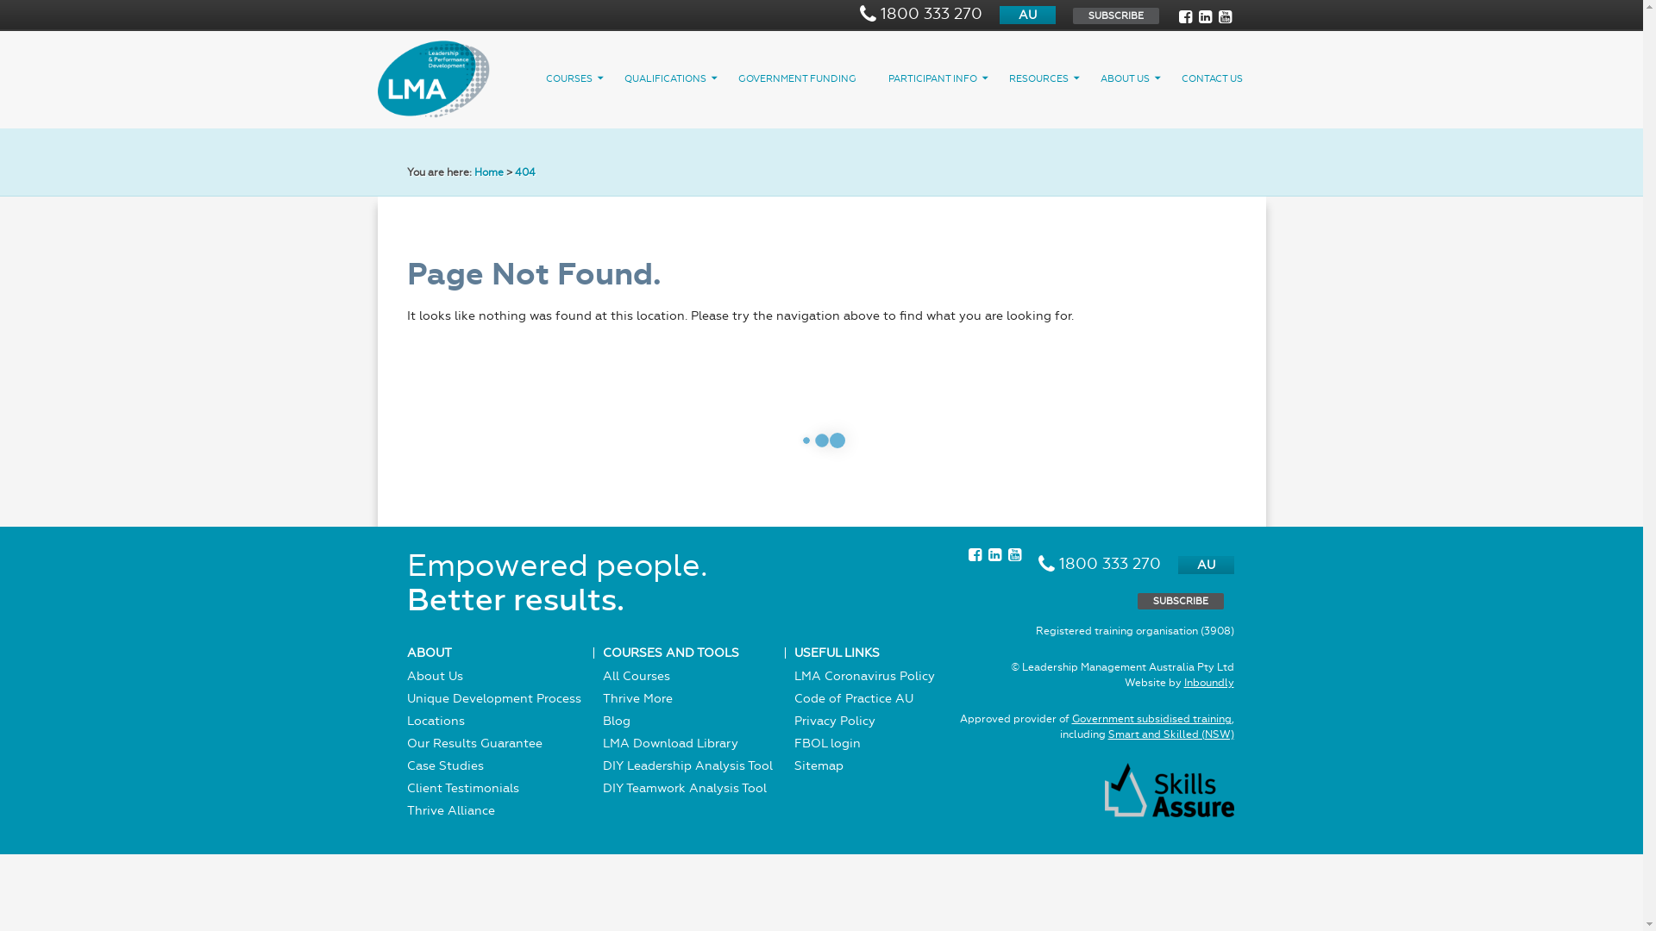 The height and width of the screenshot is (931, 1656). What do you see at coordinates (1151, 718) in the screenshot?
I see `'Government subsidised training'` at bounding box center [1151, 718].